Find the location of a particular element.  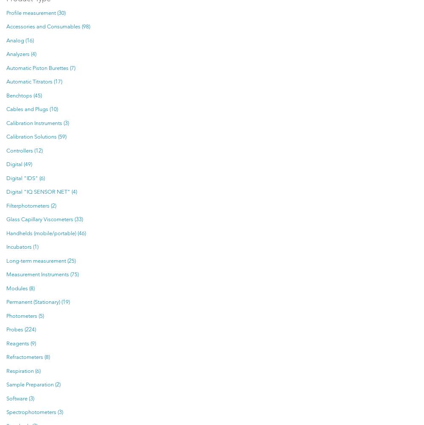

'Incubators (1)' is located at coordinates (22, 247).